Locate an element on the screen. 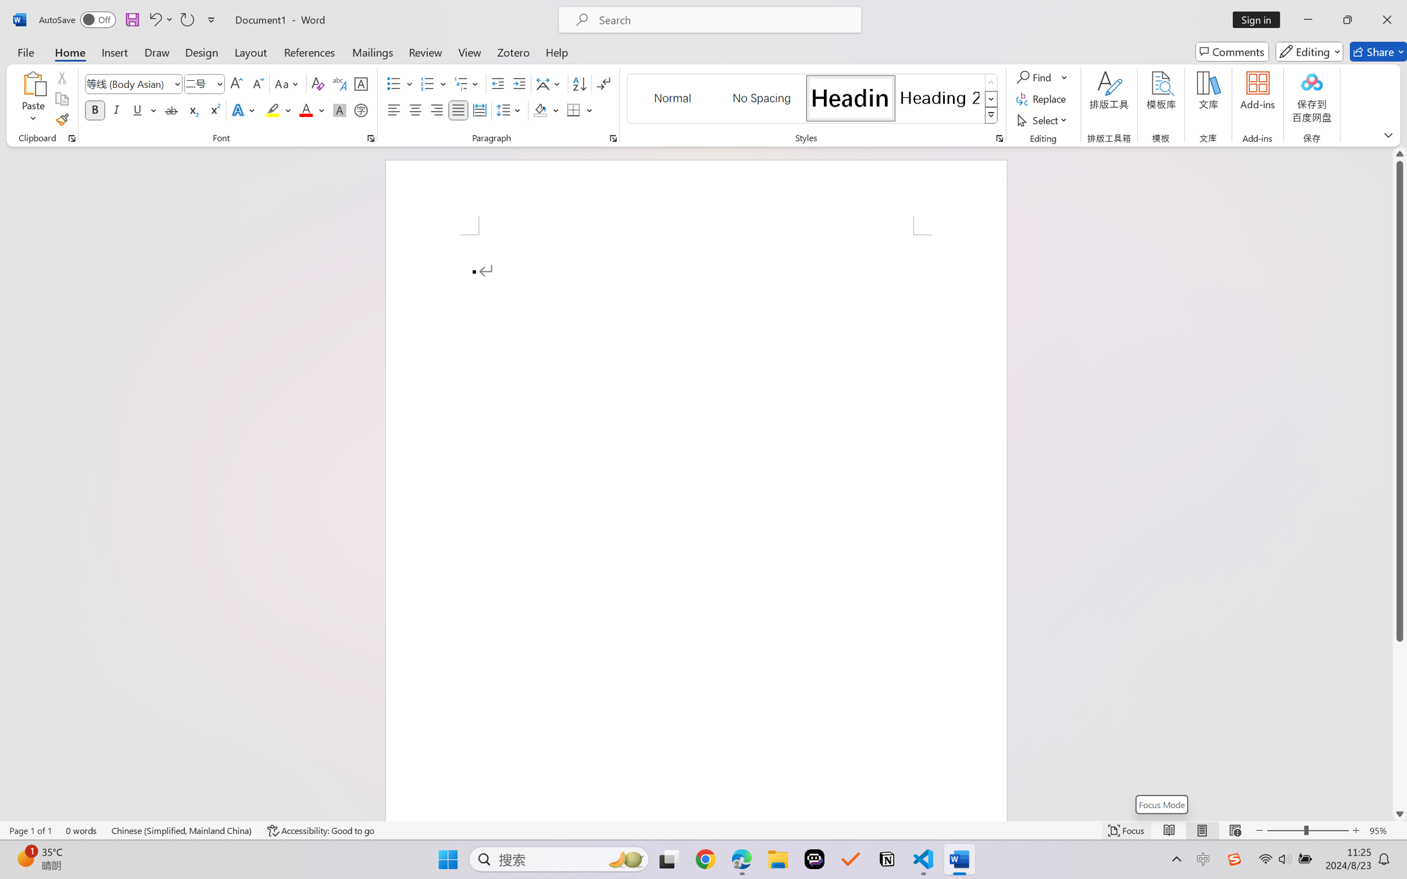 The image size is (1407, 879). 'AutomationID: QuickStylesGallery' is located at coordinates (812, 99).